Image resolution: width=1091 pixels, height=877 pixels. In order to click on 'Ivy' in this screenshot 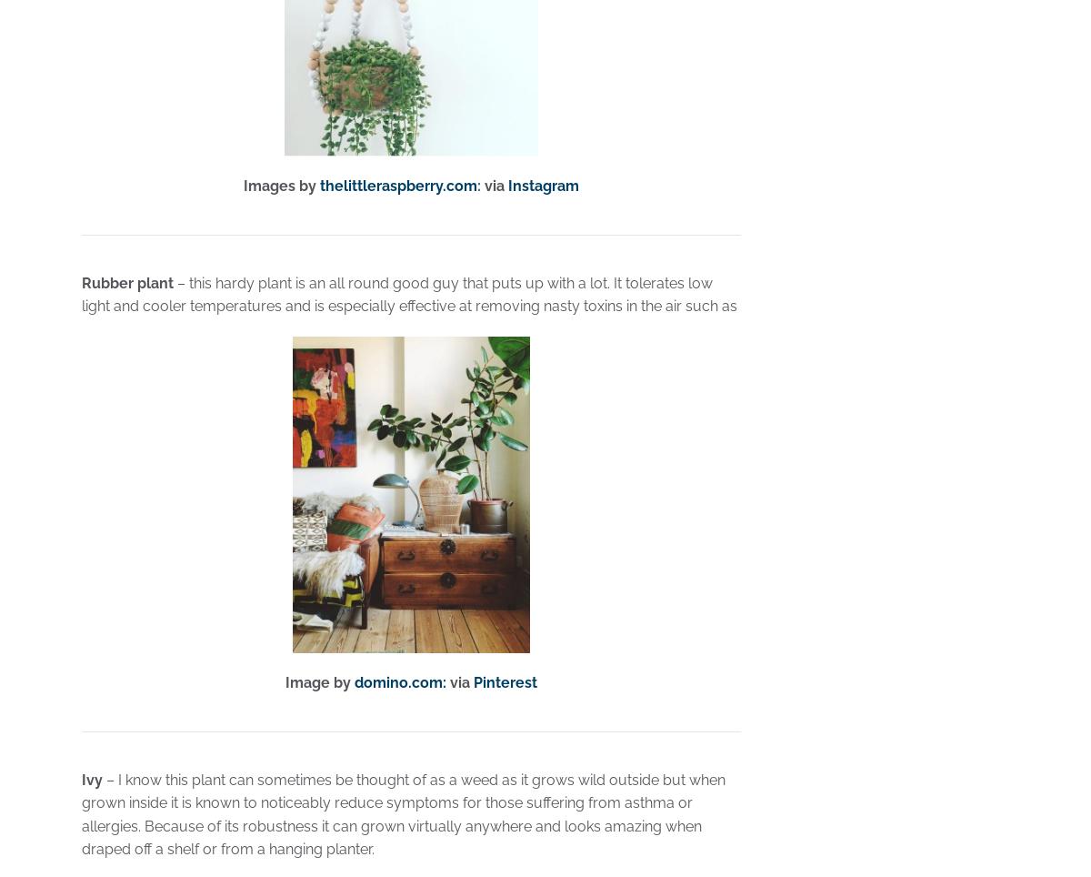, I will do `click(92, 779)`.